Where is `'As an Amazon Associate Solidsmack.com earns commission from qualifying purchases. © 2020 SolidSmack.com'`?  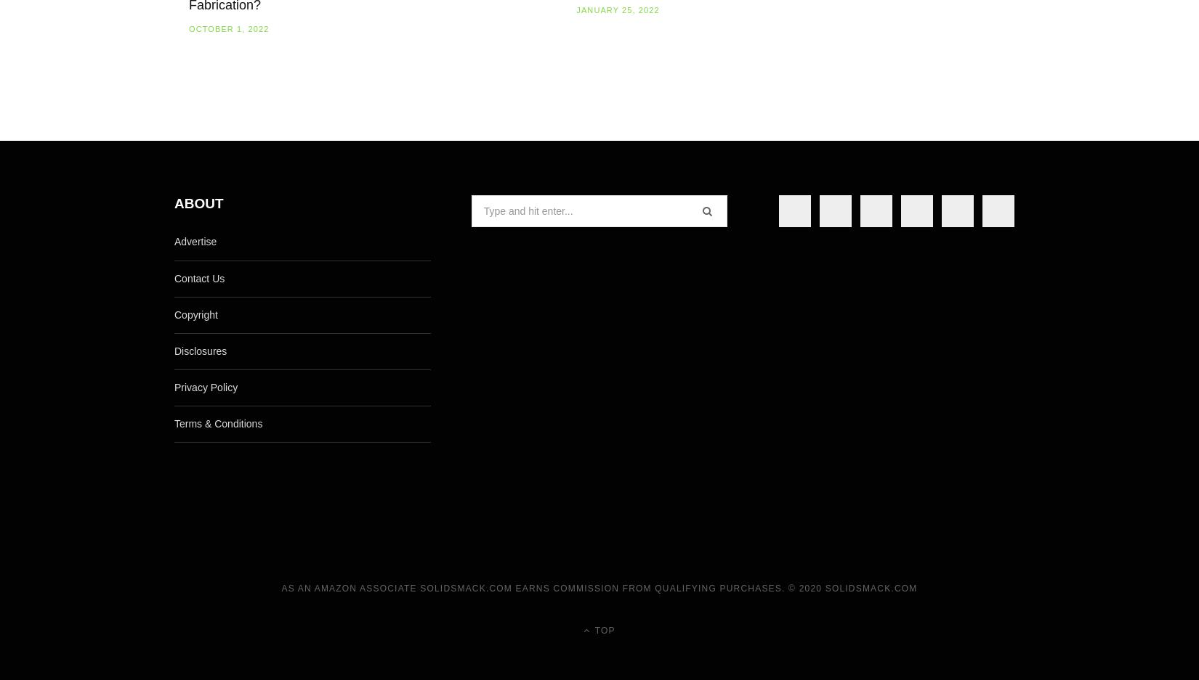
'As an Amazon Associate Solidsmack.com earns commission from qualifying purchases. © 2020 SolidSmack.com' is located at coordinates (598, 587).